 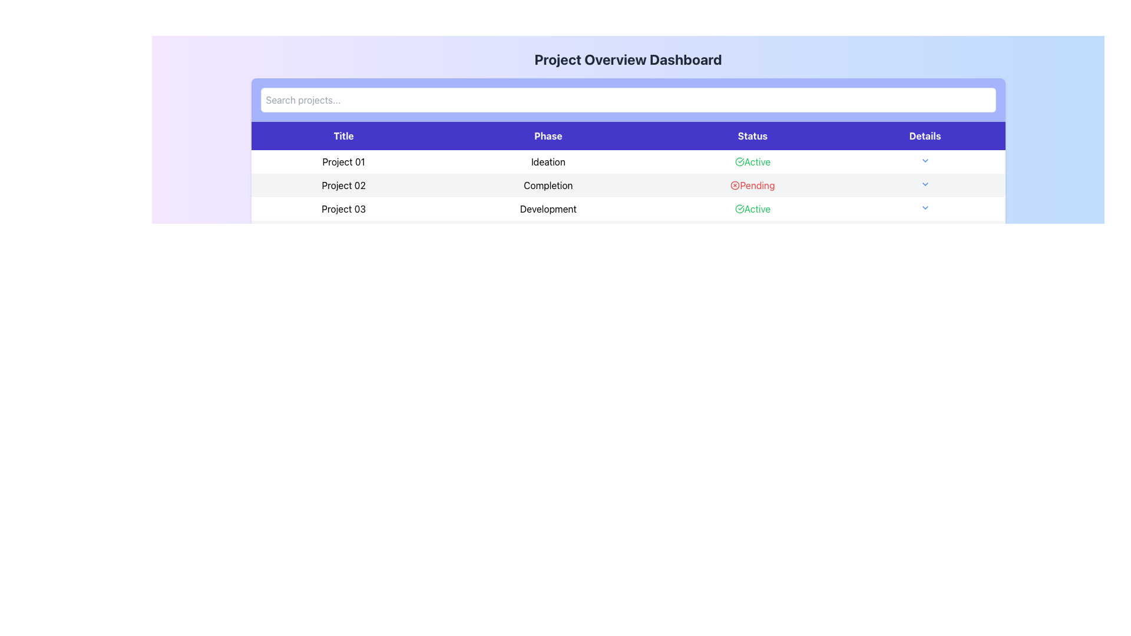 What do you see at coordinates (735, 185) in the screenshot?
I see `the SVG Circle Element representing the status of 'Project 02' in the table, which appears before the text 'Pending'` at bounding box center [735, 185].